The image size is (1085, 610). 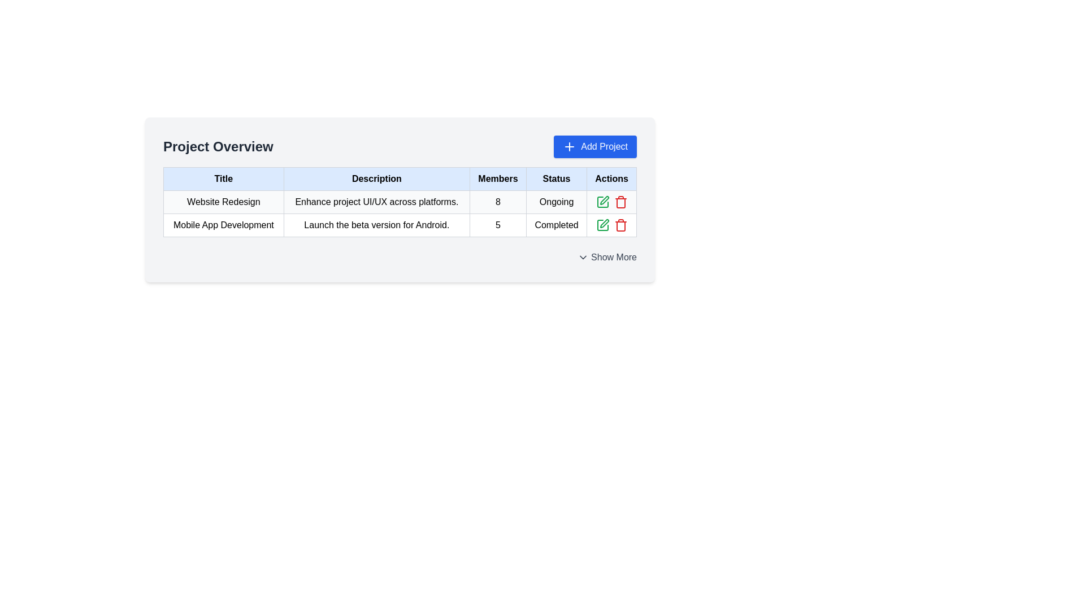 I want to click on the Table Header Cell labeled 'Description' which is styled with a blue background and centrally aligned in the header row of the table, so click(x=400, y=178).